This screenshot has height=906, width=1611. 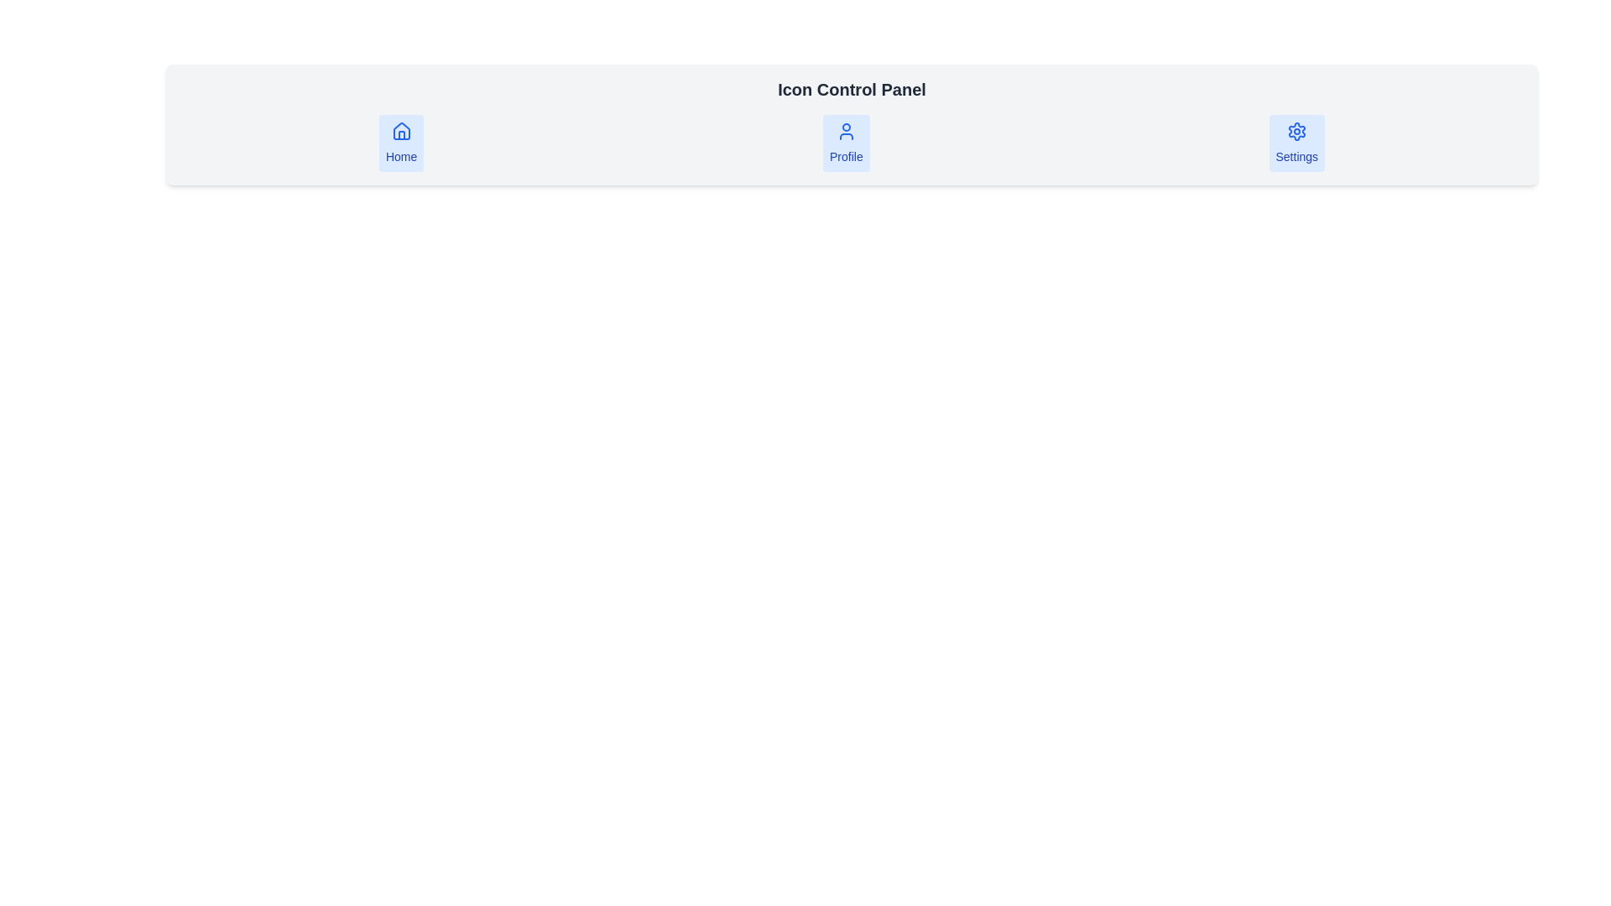 What do you see at coordinates (1296, 156) in the screenshot?
I see `the Text Label associated with the 'Settings' button, which provides a cue of the button's purpose for accessing settings functionality` at bounding box center [1296, 156].